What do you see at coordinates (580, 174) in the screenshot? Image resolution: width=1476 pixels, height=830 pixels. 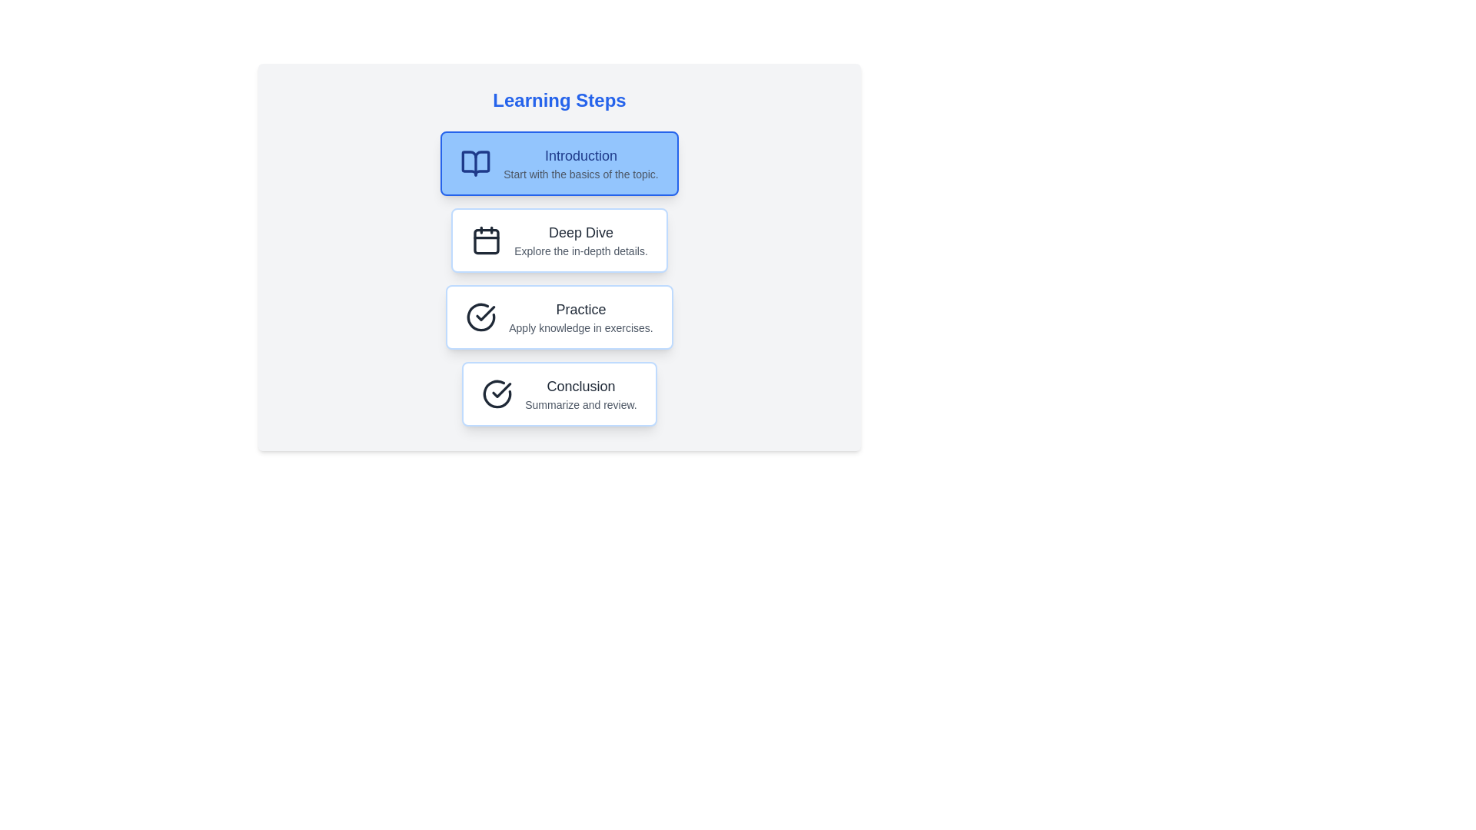 I see `the text description located directly below the 'Introduction' section, within the topmost rectangular section highlighted with a blue outline and an open book icon` at bounding box center [580, 174].